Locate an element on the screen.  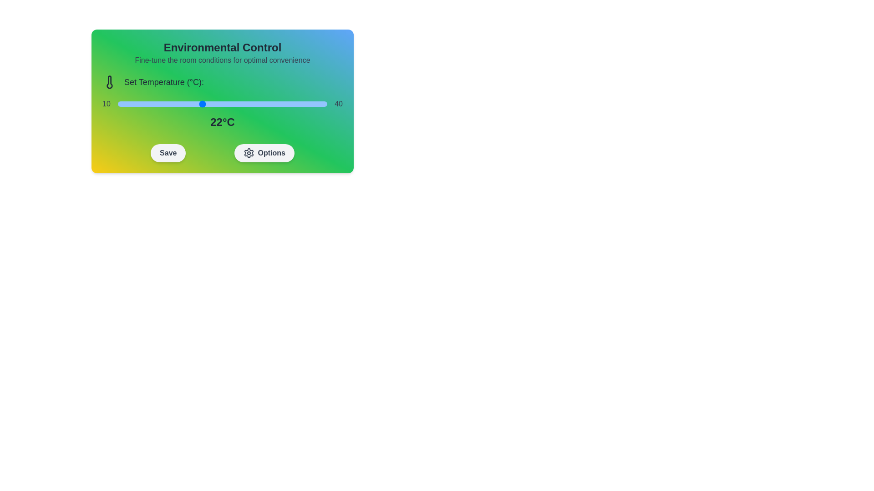
the 'Save' button, which is a rounded rectangular button with a light gray background and bold dark gray text, located at the bottom left of a card-like layout is located at coordinates (168, 152).